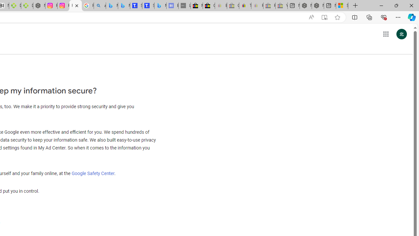 The height and width of the screenshot is (236, 419). I want to click on 'Payments Terms of Use | eBay.com - Sleeping', so click(257, 6).